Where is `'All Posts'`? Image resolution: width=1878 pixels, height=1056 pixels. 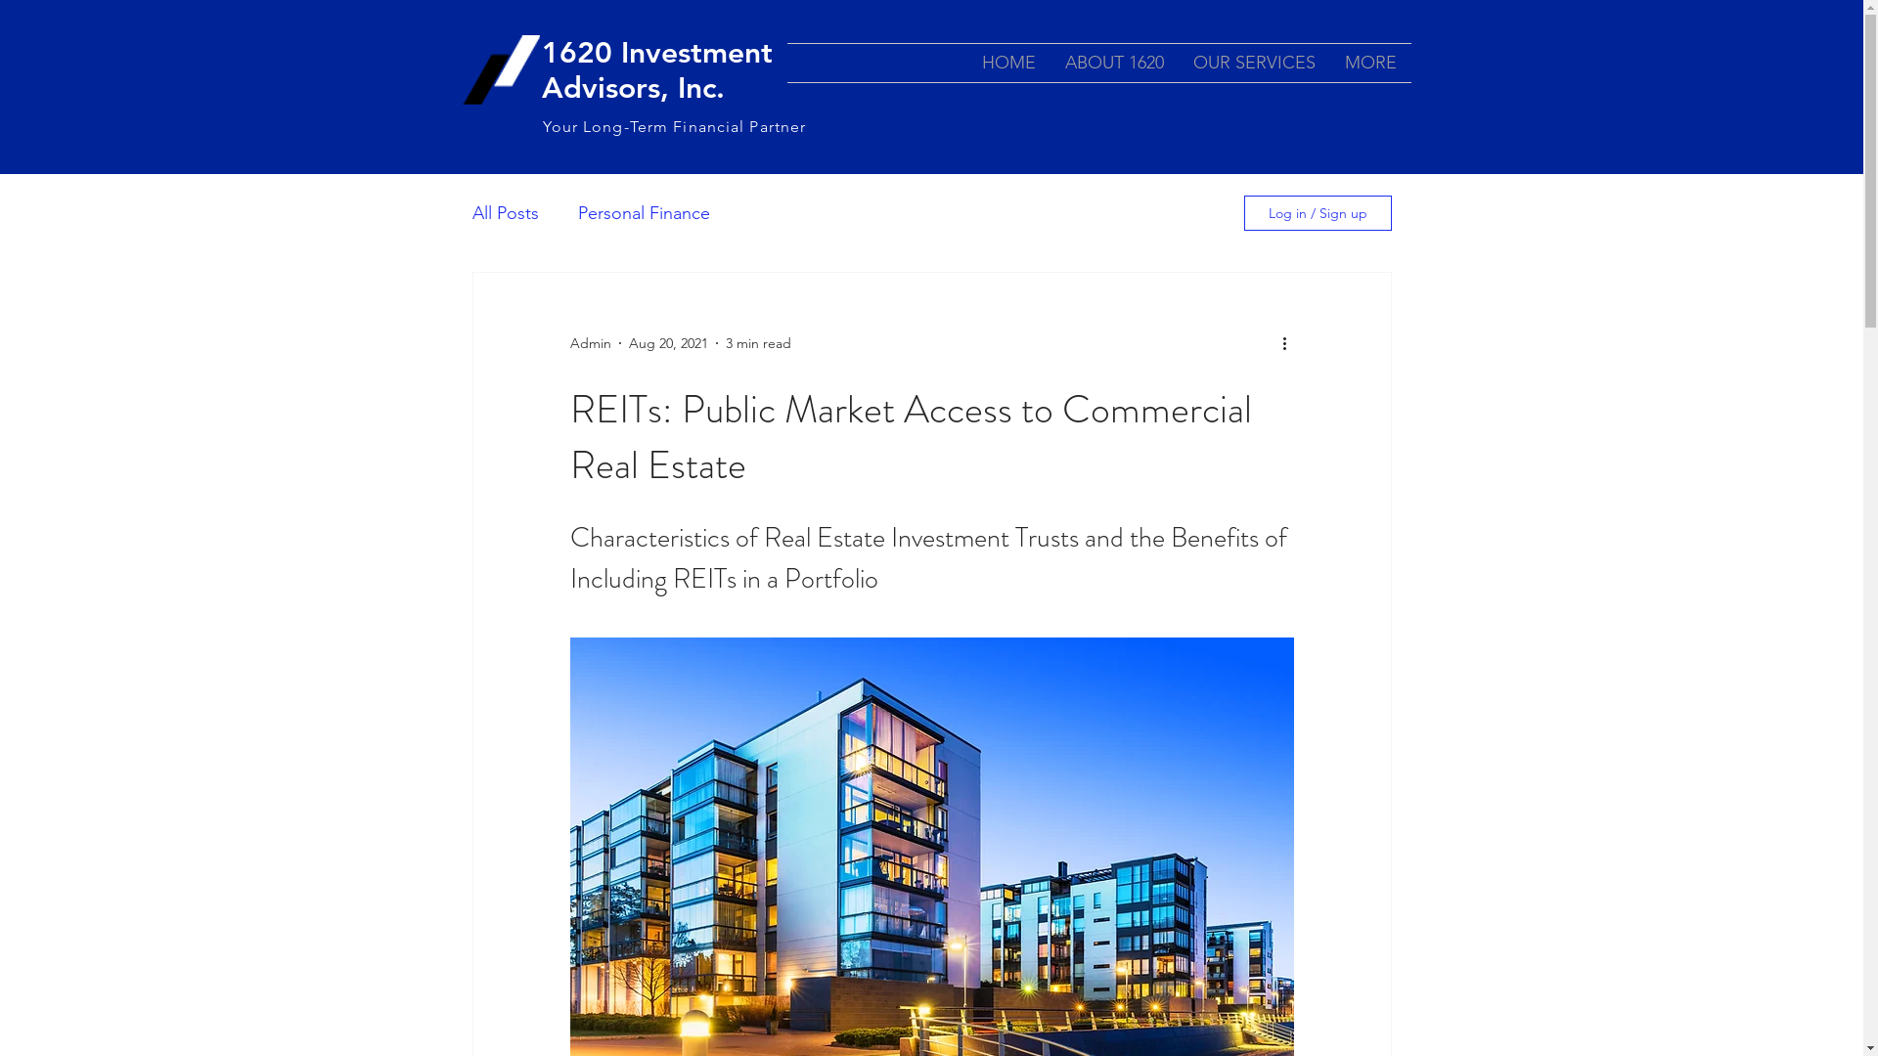 'All Posts' is located at coordinates (504, 213).